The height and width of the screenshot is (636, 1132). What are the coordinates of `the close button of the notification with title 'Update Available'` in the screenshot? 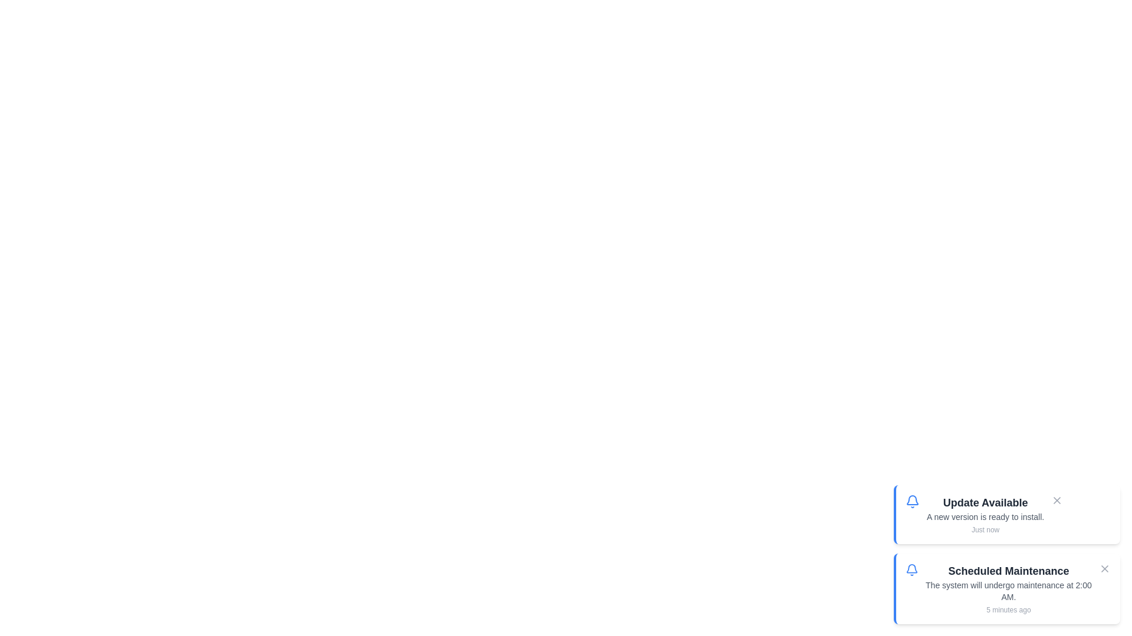 It's located at (1057, 500).